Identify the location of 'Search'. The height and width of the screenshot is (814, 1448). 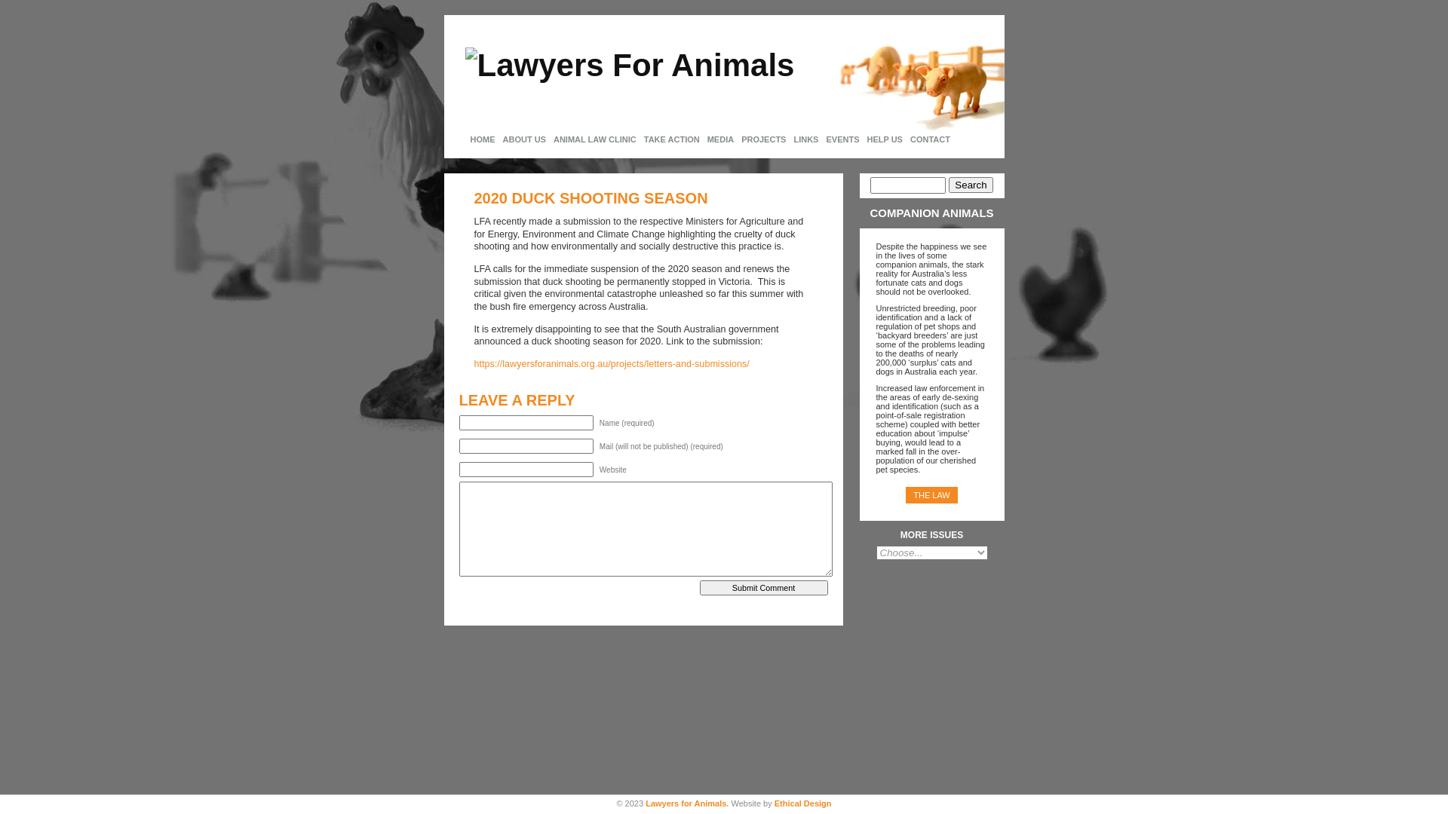
(970, 184).